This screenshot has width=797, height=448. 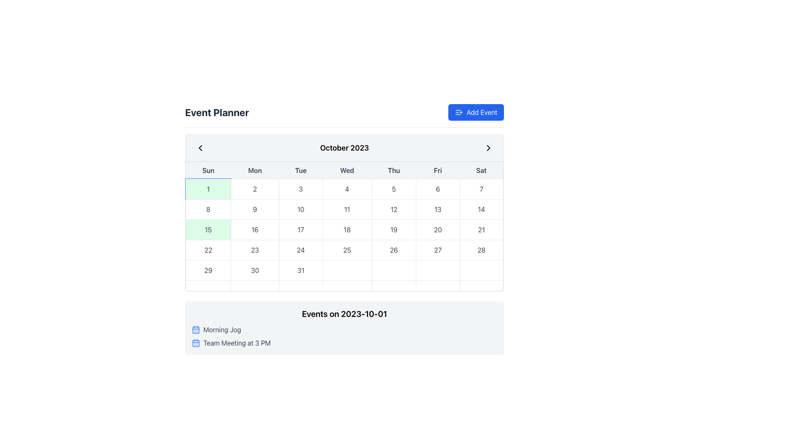 What do you see at coordinates (208, 170) in the screenshot?
I see `the label representing Sundays, which is the first element in the row of text labels for the days of the week located beneath the 'October 2023' header` at bounding box center [208, 170].